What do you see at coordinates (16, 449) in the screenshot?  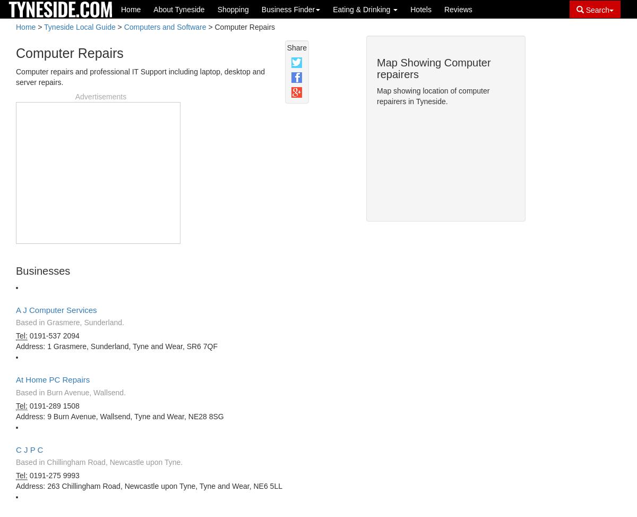 I see `'C J P C'` at bounding box center [16, 449].